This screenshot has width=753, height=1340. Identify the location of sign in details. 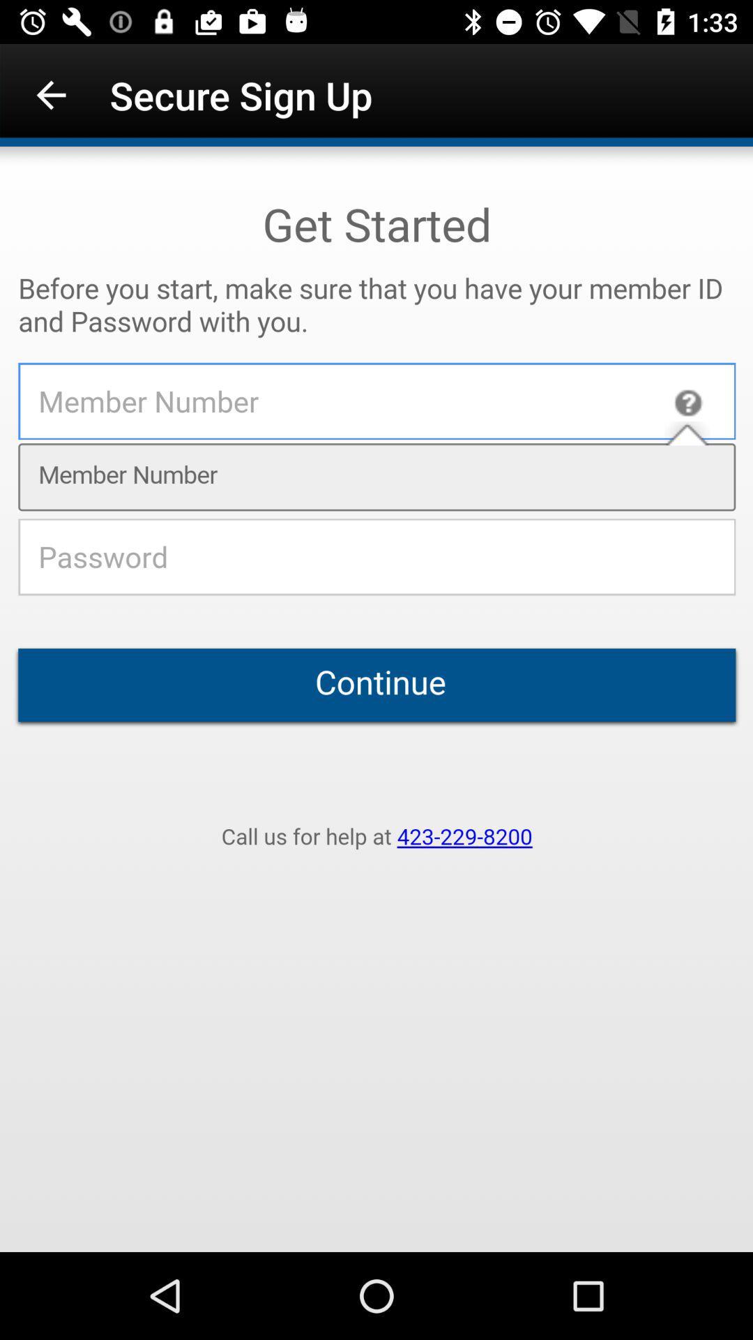
(376, 699).